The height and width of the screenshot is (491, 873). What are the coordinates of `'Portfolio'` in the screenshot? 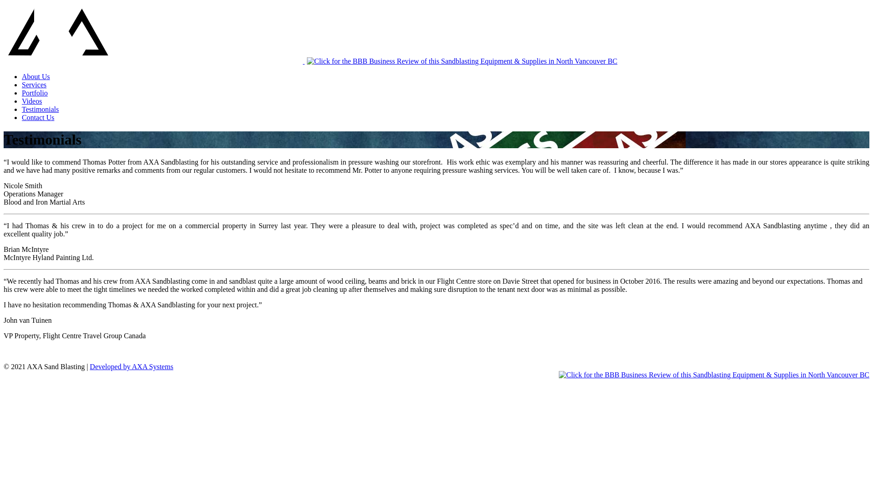 It's located at (22, 93).